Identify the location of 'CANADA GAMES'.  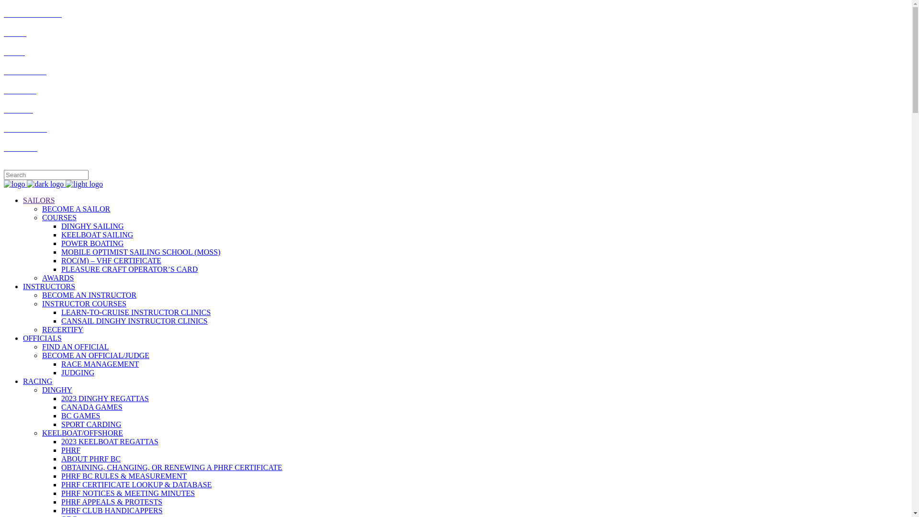
(92, 407).